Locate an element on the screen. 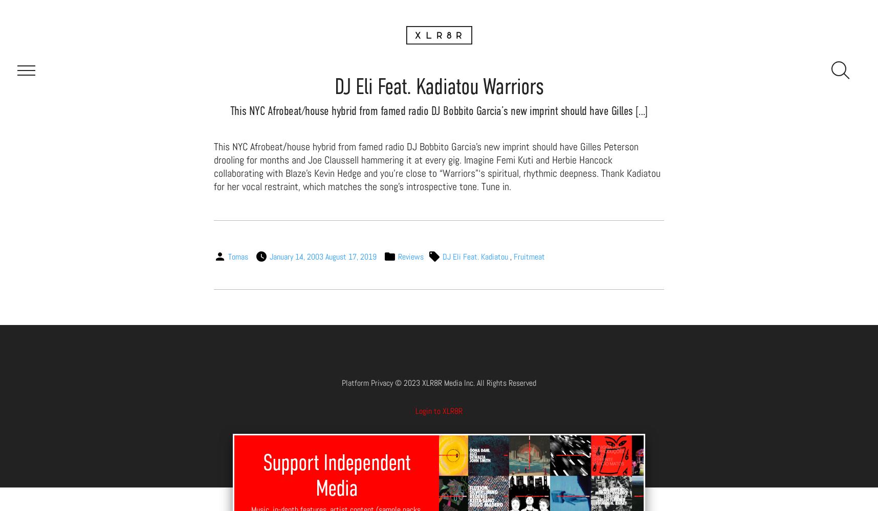  'This NYC Afrobeat/house hybrid from famed radio DJ Bobbito Garcia’s new imprint should have Gilles Peterson drooling for months and Joe Claussell hammering it at every gig. Imagine Femi Kuti and Herbie Hancock collaborating with Blaze’s Kevin Hedge and you’re close to “Warriors”‘s spiritual, rhythmic deepness. Thank Kadiatou for her vocal restraint, which matches the song’s introspective tone. Tune in.' is located at coordinates (437, 166).